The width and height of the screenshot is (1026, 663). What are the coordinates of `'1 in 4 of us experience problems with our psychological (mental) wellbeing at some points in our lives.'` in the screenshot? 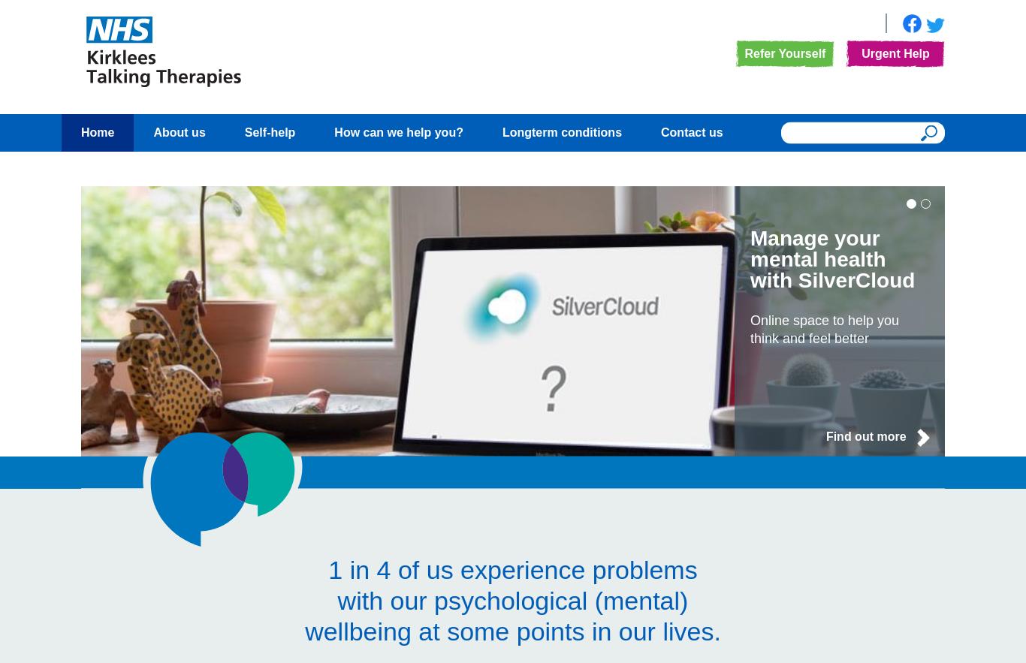 It's located at (511, 599).